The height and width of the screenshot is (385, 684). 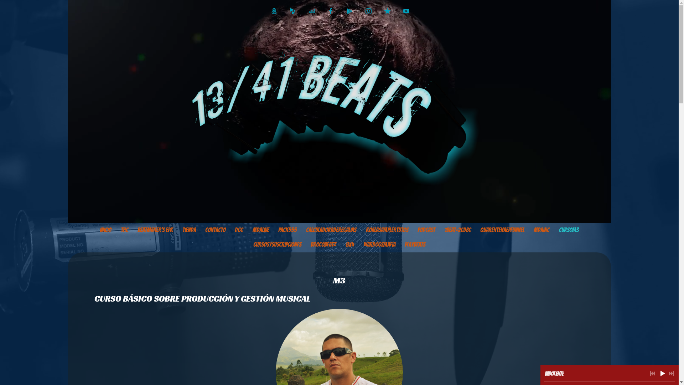 What do you see at coordinates (287, 230) in the screenshot?
I see `'PACK555'` at bounding box center [287, 230].